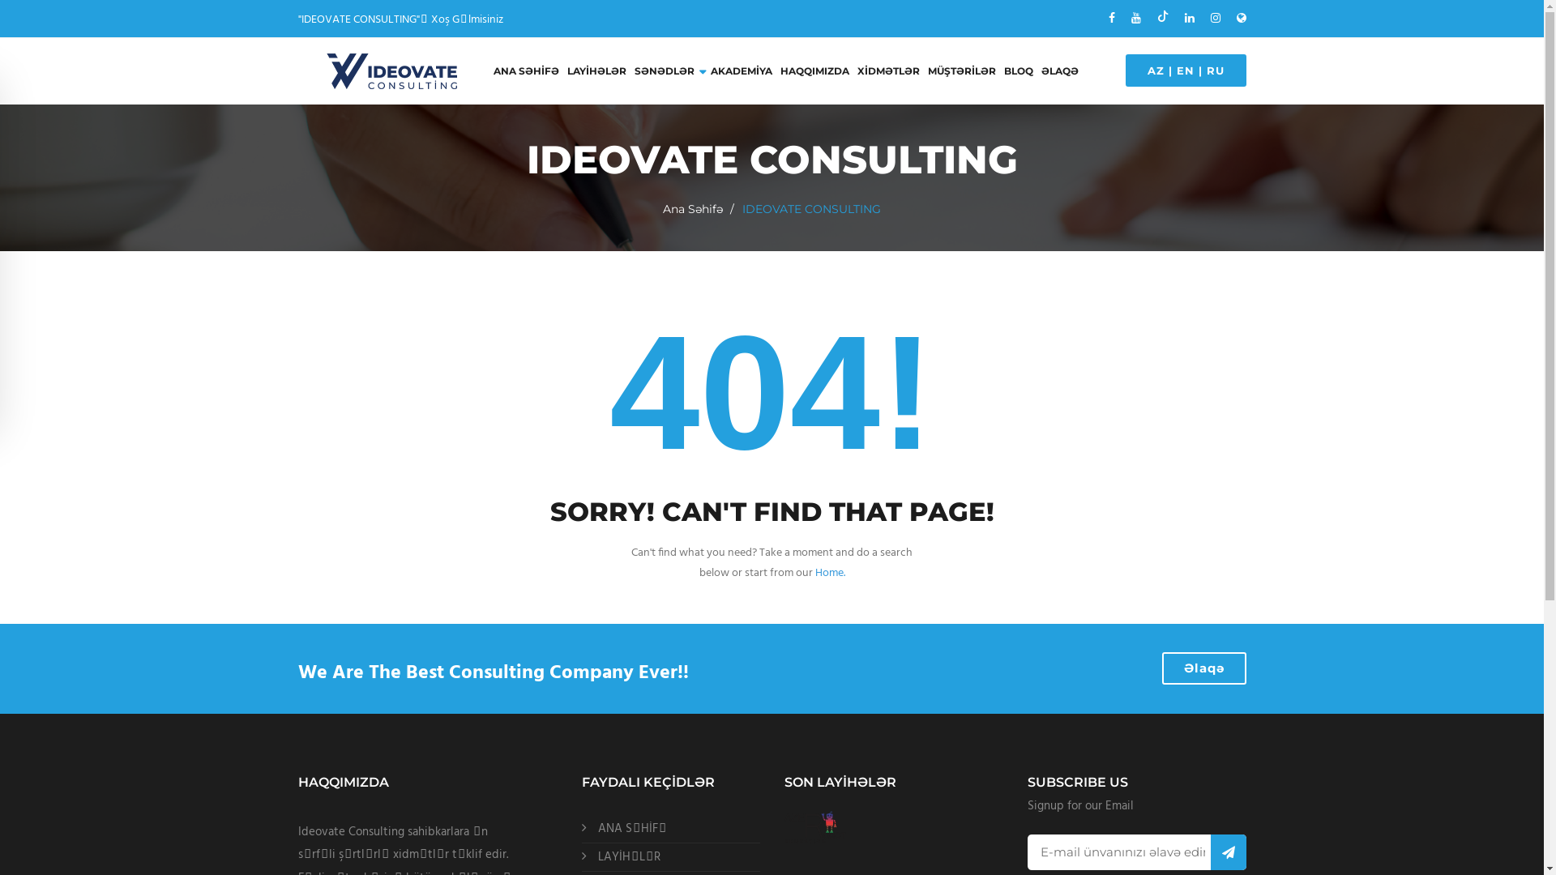 This screenshot has width=1556, height=875. I want to click on 'Home.', so click(830, 572).